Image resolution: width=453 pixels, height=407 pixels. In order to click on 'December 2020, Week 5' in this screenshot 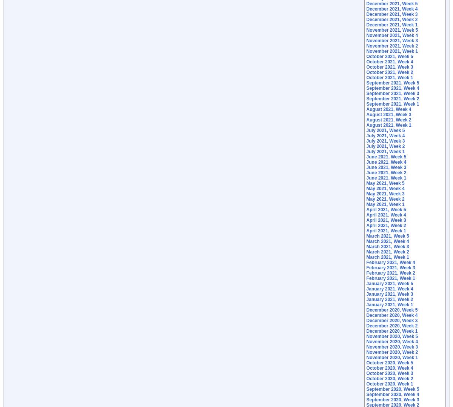, I will do `click(392, 309)`.